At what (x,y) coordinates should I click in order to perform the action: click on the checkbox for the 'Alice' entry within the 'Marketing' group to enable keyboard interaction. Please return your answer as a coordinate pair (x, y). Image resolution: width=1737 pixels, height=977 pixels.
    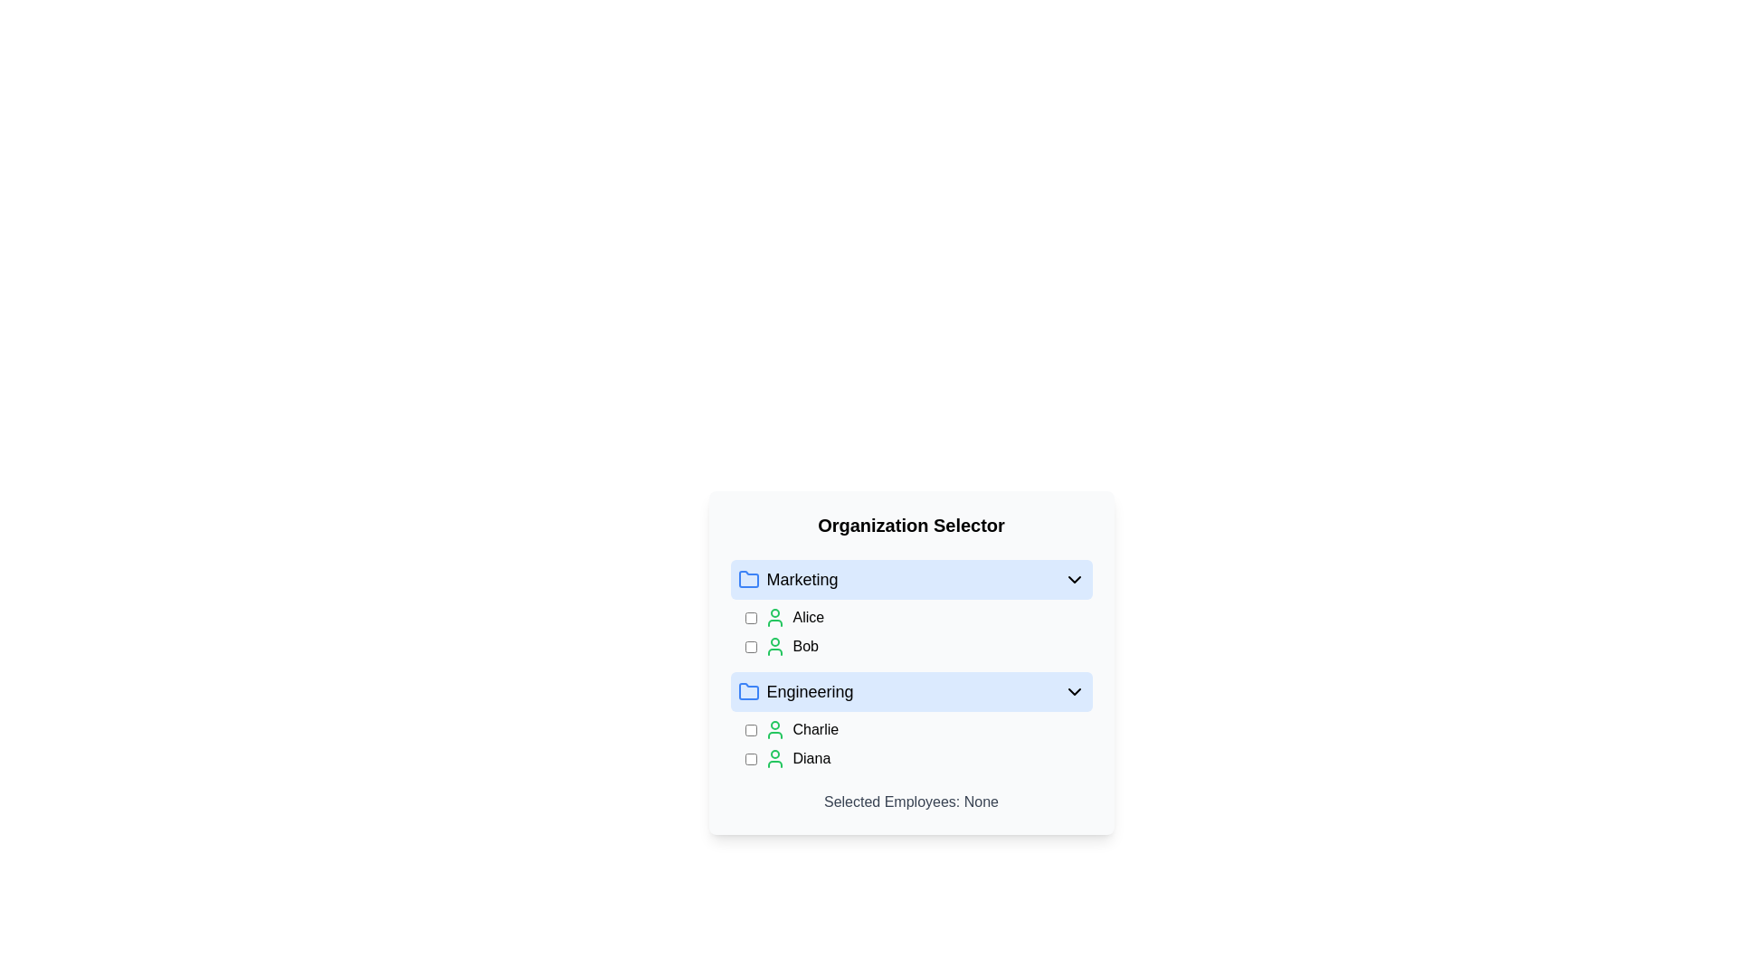
    Looking at the image, I should click on (751, 616).